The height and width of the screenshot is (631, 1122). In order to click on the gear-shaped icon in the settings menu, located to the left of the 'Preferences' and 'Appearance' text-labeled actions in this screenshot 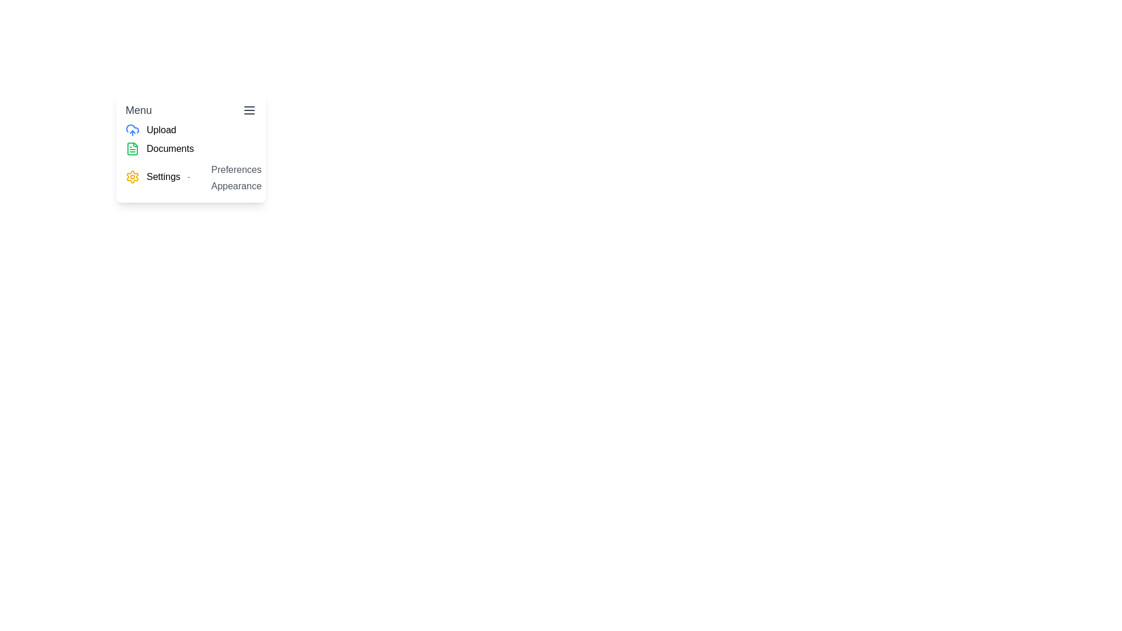, I will do `click(132, 177)`.